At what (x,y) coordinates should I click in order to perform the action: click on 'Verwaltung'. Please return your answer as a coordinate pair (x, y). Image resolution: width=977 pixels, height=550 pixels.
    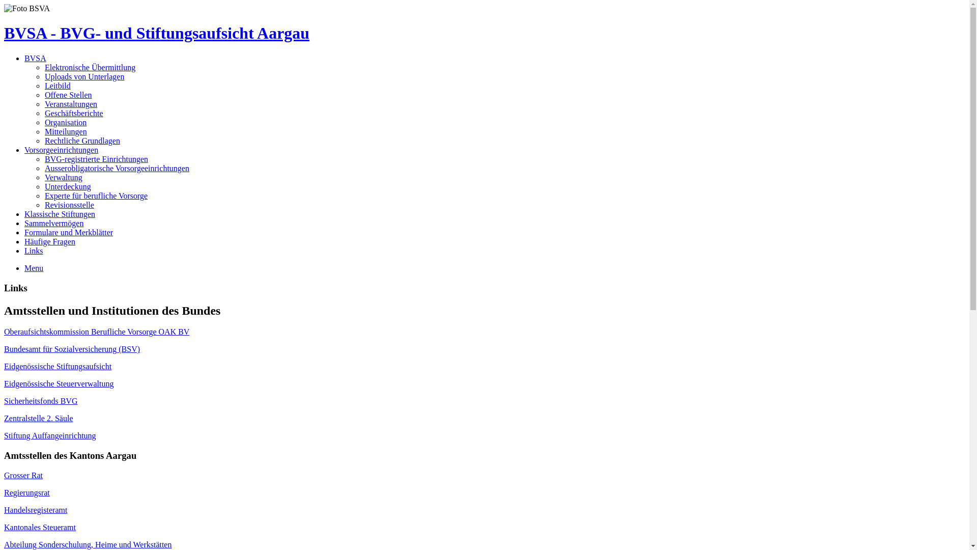
    Looking at the image, I should click on (44, 177).